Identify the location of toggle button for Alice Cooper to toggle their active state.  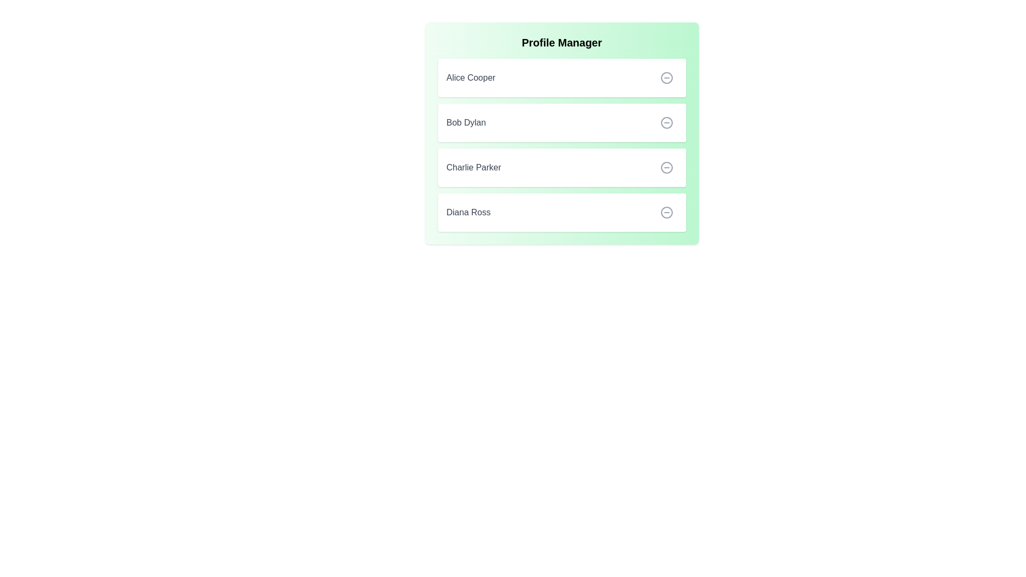
(666, 77).